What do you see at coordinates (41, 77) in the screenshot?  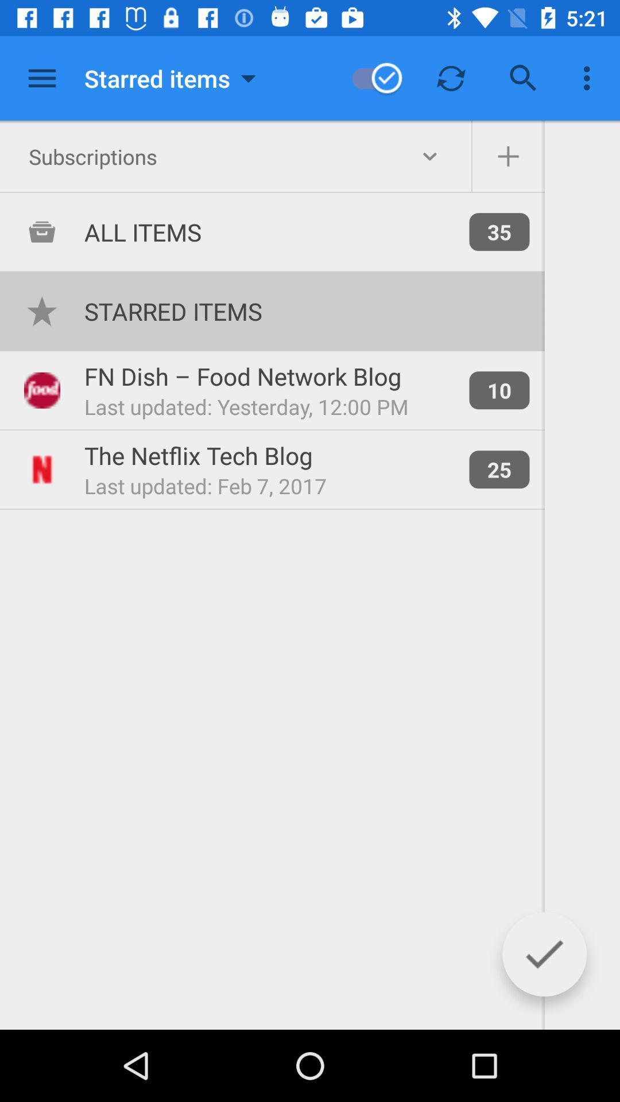 I see `advertisement` at bounding box center [41, 77].